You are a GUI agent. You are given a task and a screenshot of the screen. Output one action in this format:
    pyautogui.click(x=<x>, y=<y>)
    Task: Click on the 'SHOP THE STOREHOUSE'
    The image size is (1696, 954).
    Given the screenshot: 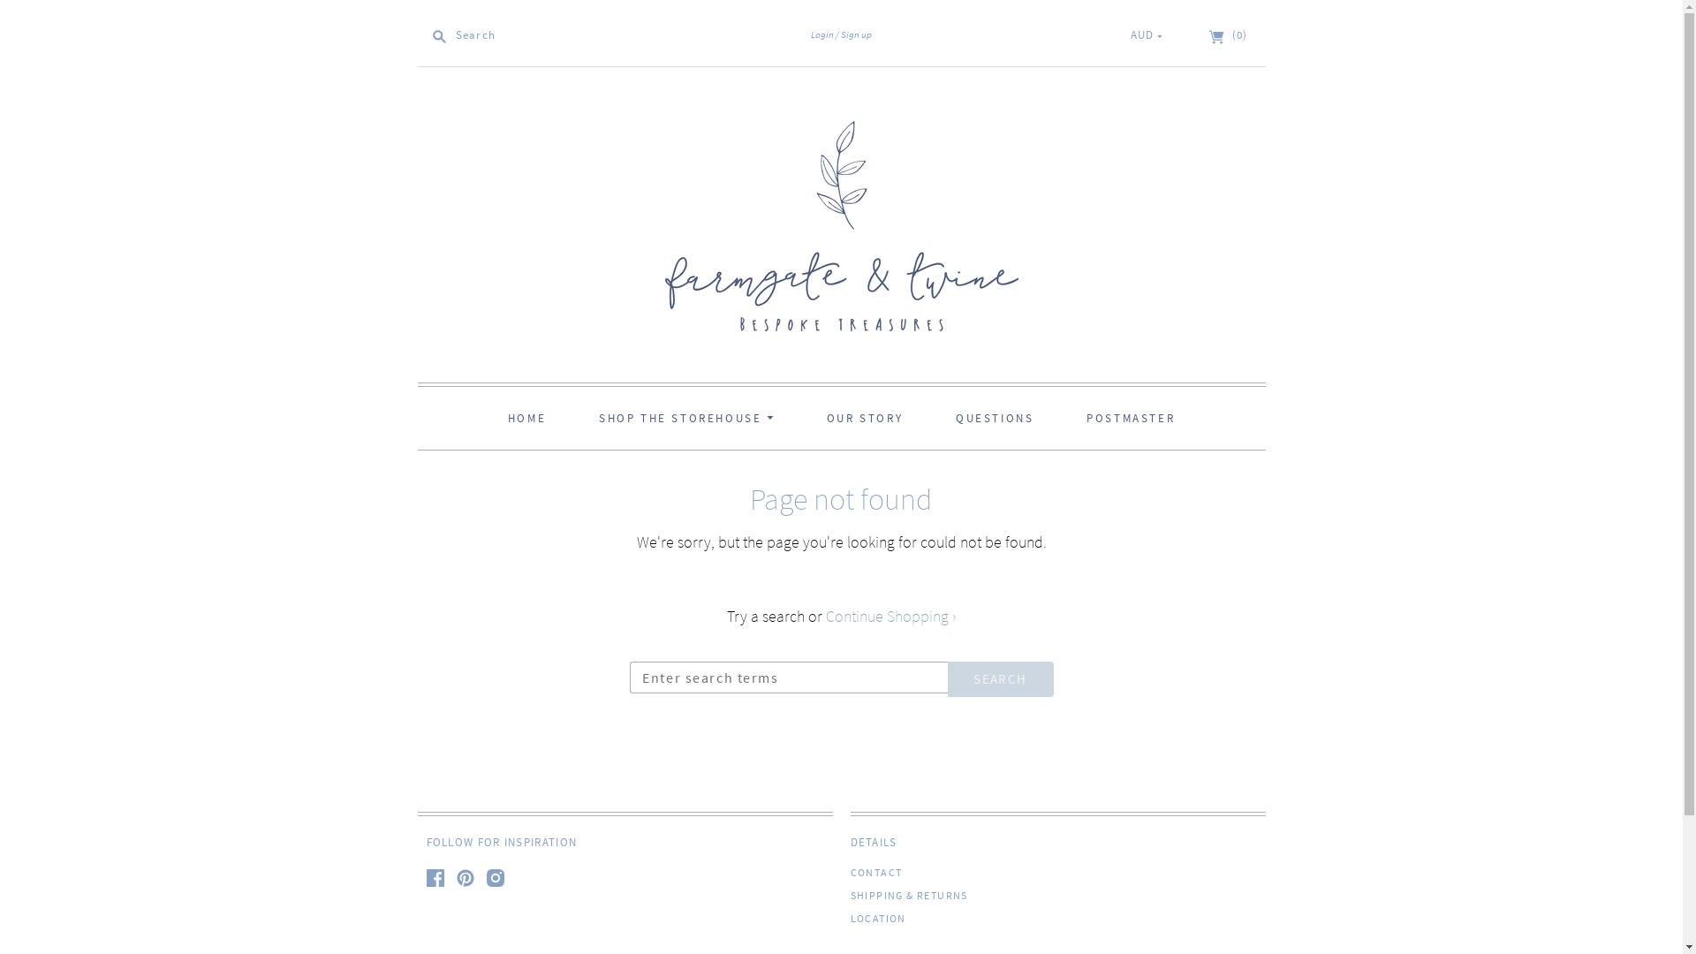 What is the action you would take?
    pyautogui.click(x=576, y=418)
    